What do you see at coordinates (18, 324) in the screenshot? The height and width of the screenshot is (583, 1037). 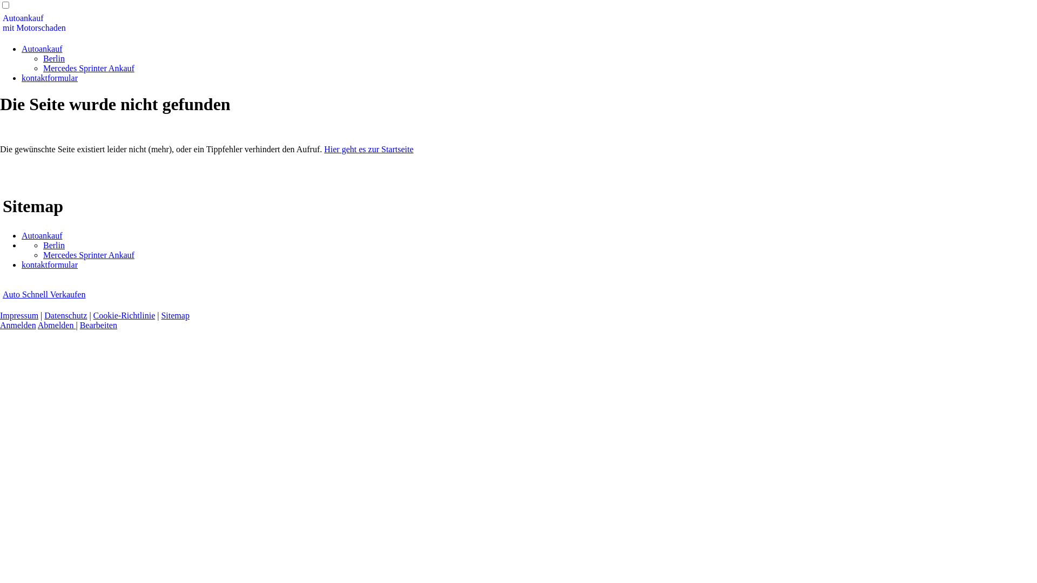 I see `'Anmelden'` at bounding box center [18, 324].